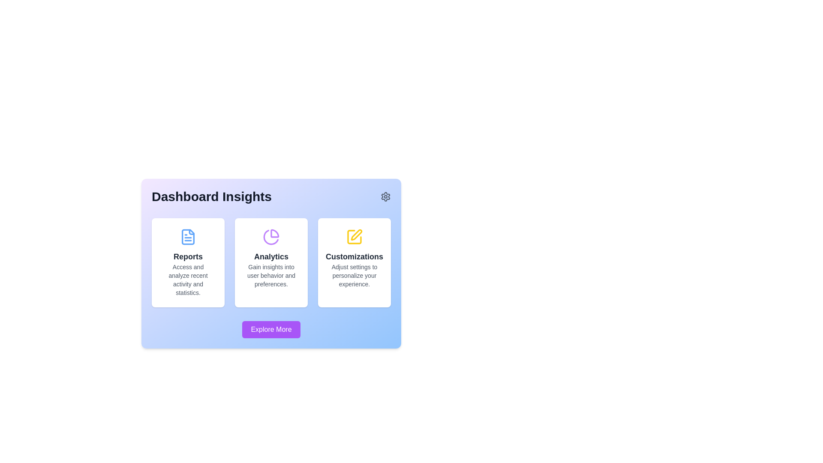 This screenshot has width=823, height=463. What do you see at coordinates (271, 262) in the screenshot?
I see `the middle card in the row of three cards, which is likely linked to analytics-related features or content for gaining insights into user behavior` at bounding box center [271, 262].